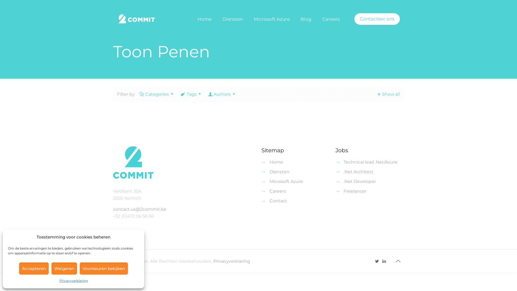 The image size is (517, 291). What do you see at coordinates (33, 268) in the screenshot?
I see `'Accepteren'` at bounding box center [33, 268].